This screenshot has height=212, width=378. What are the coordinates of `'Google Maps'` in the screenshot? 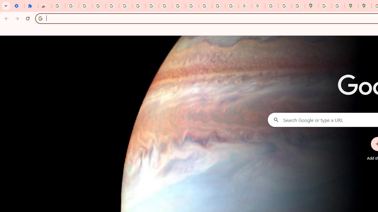 It's located at (311, 6).